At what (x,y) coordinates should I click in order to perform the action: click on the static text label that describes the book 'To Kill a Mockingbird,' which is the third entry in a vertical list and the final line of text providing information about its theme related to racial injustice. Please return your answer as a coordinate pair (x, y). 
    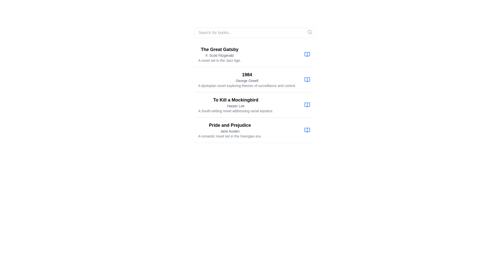
    Looking at the image, I should click on (235, 110).